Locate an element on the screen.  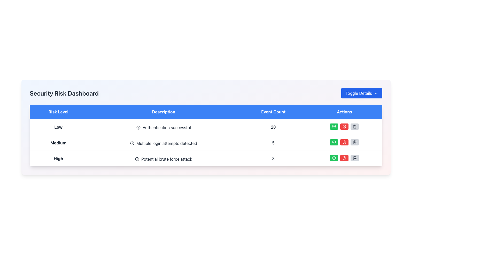
the button located in the 'Actions' column of the third row in the security dashboard table, positioned between the green and gray buttons is located at coordinates (344, 142).